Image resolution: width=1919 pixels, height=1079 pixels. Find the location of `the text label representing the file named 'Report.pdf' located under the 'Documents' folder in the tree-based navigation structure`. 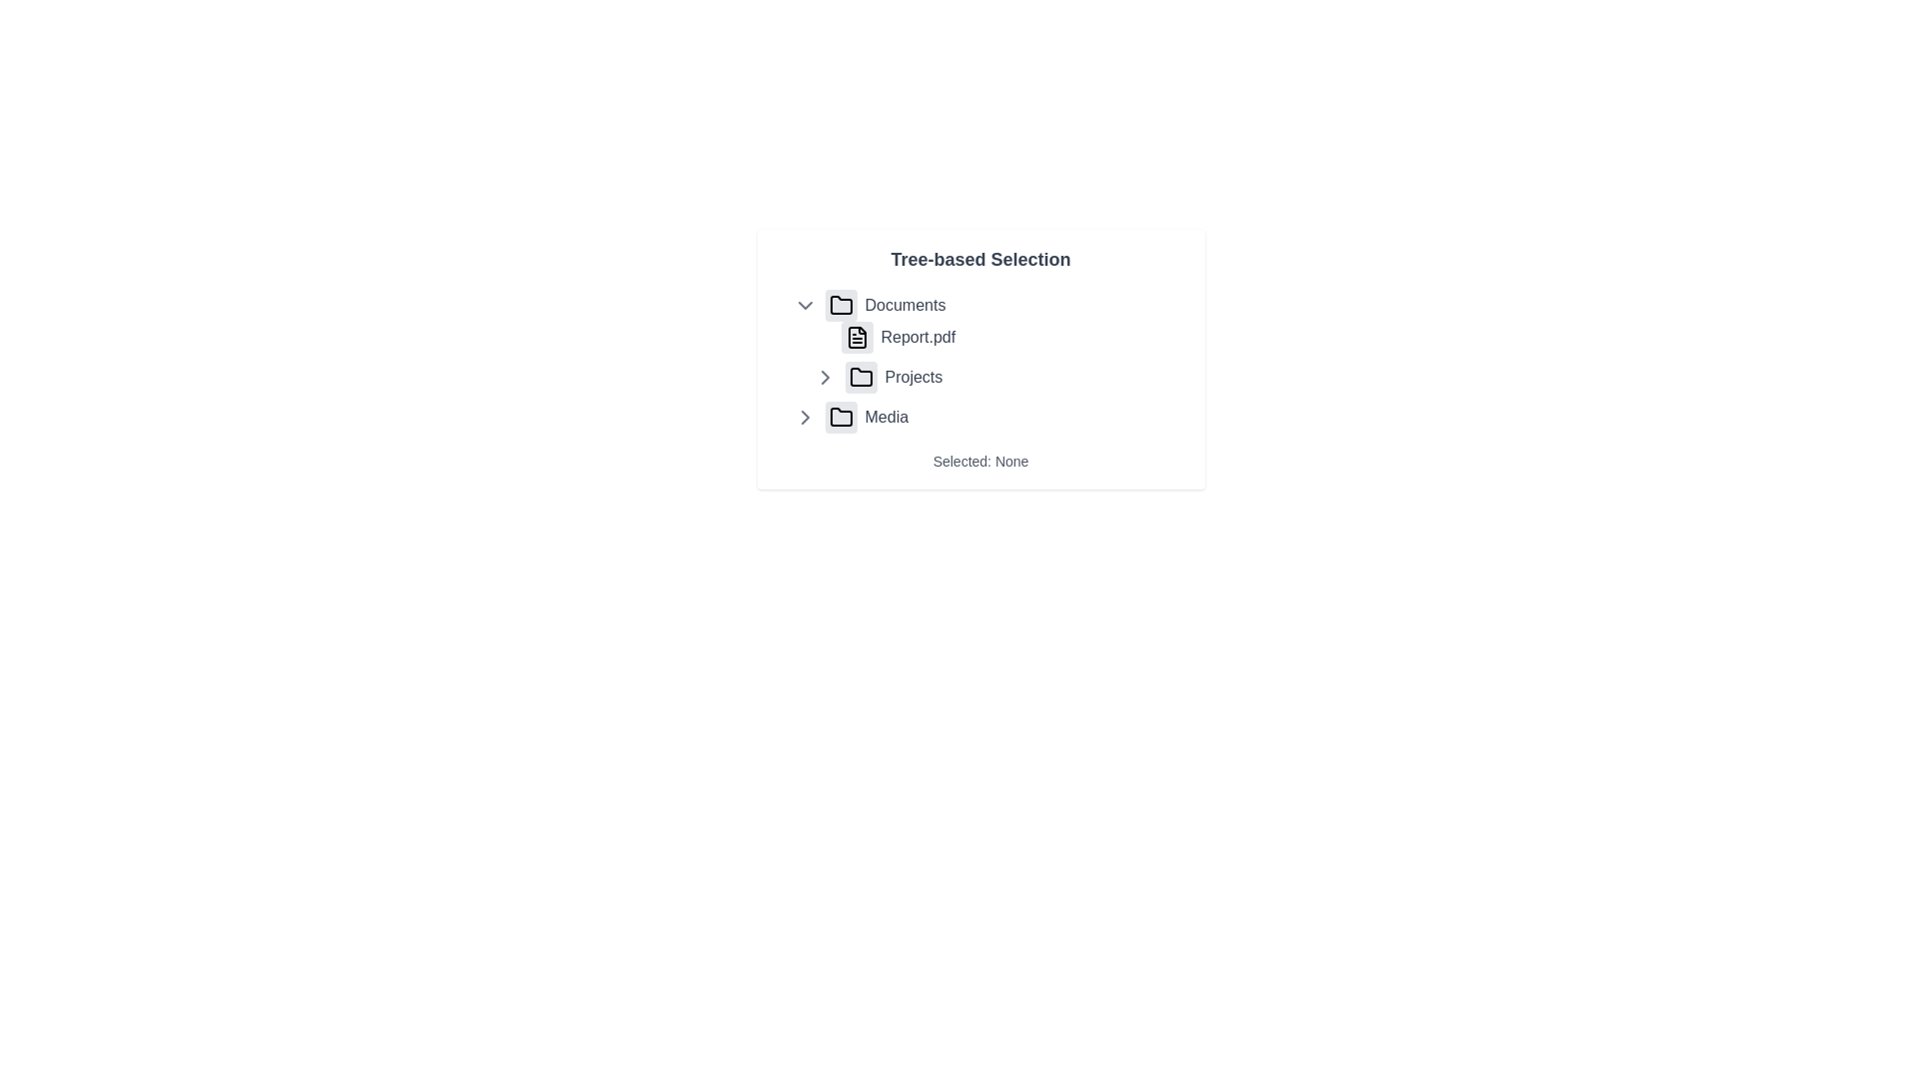

the text label representing the file named 'Report.pdf' located under the 'Documents' folder in the tree-based navigation structure is located at coordinates (917, 337).